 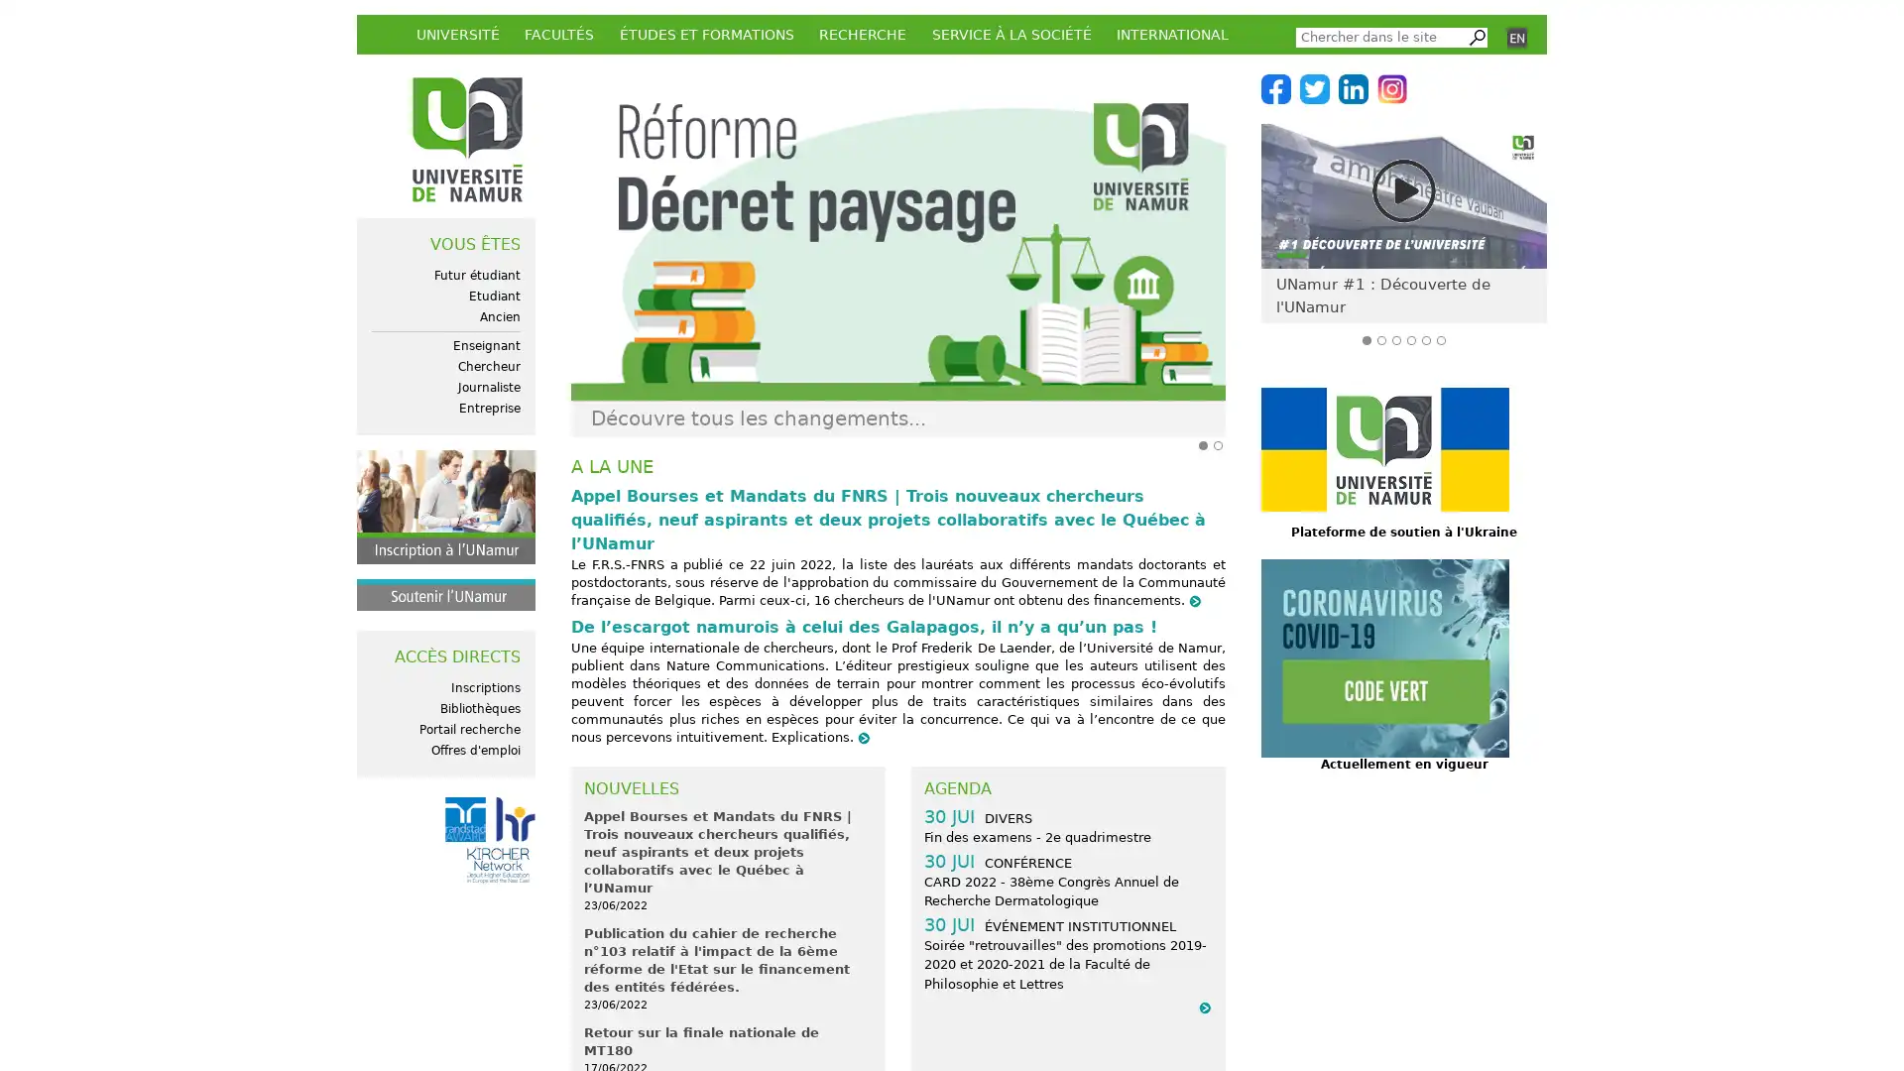 I want to click on OK, so click(x=1476, y=37).